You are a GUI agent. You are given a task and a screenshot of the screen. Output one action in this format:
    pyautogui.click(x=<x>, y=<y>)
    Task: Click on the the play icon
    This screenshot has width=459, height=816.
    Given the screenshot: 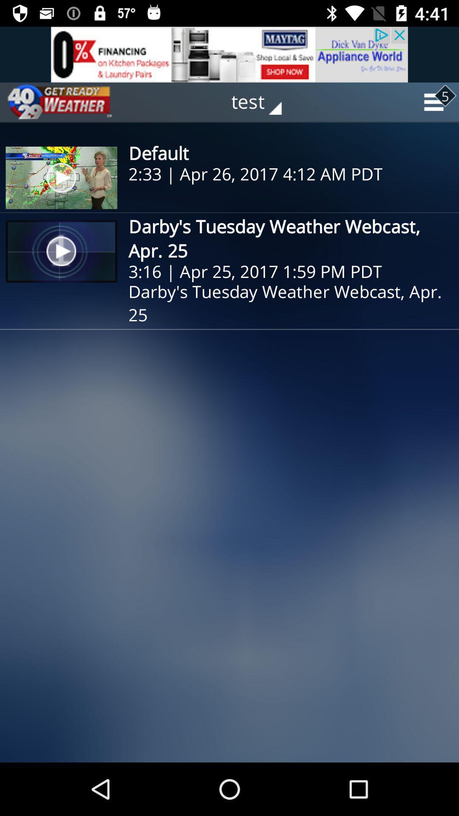 What is the action you would take?
    pyautogui.click(x=56, y=102)
    